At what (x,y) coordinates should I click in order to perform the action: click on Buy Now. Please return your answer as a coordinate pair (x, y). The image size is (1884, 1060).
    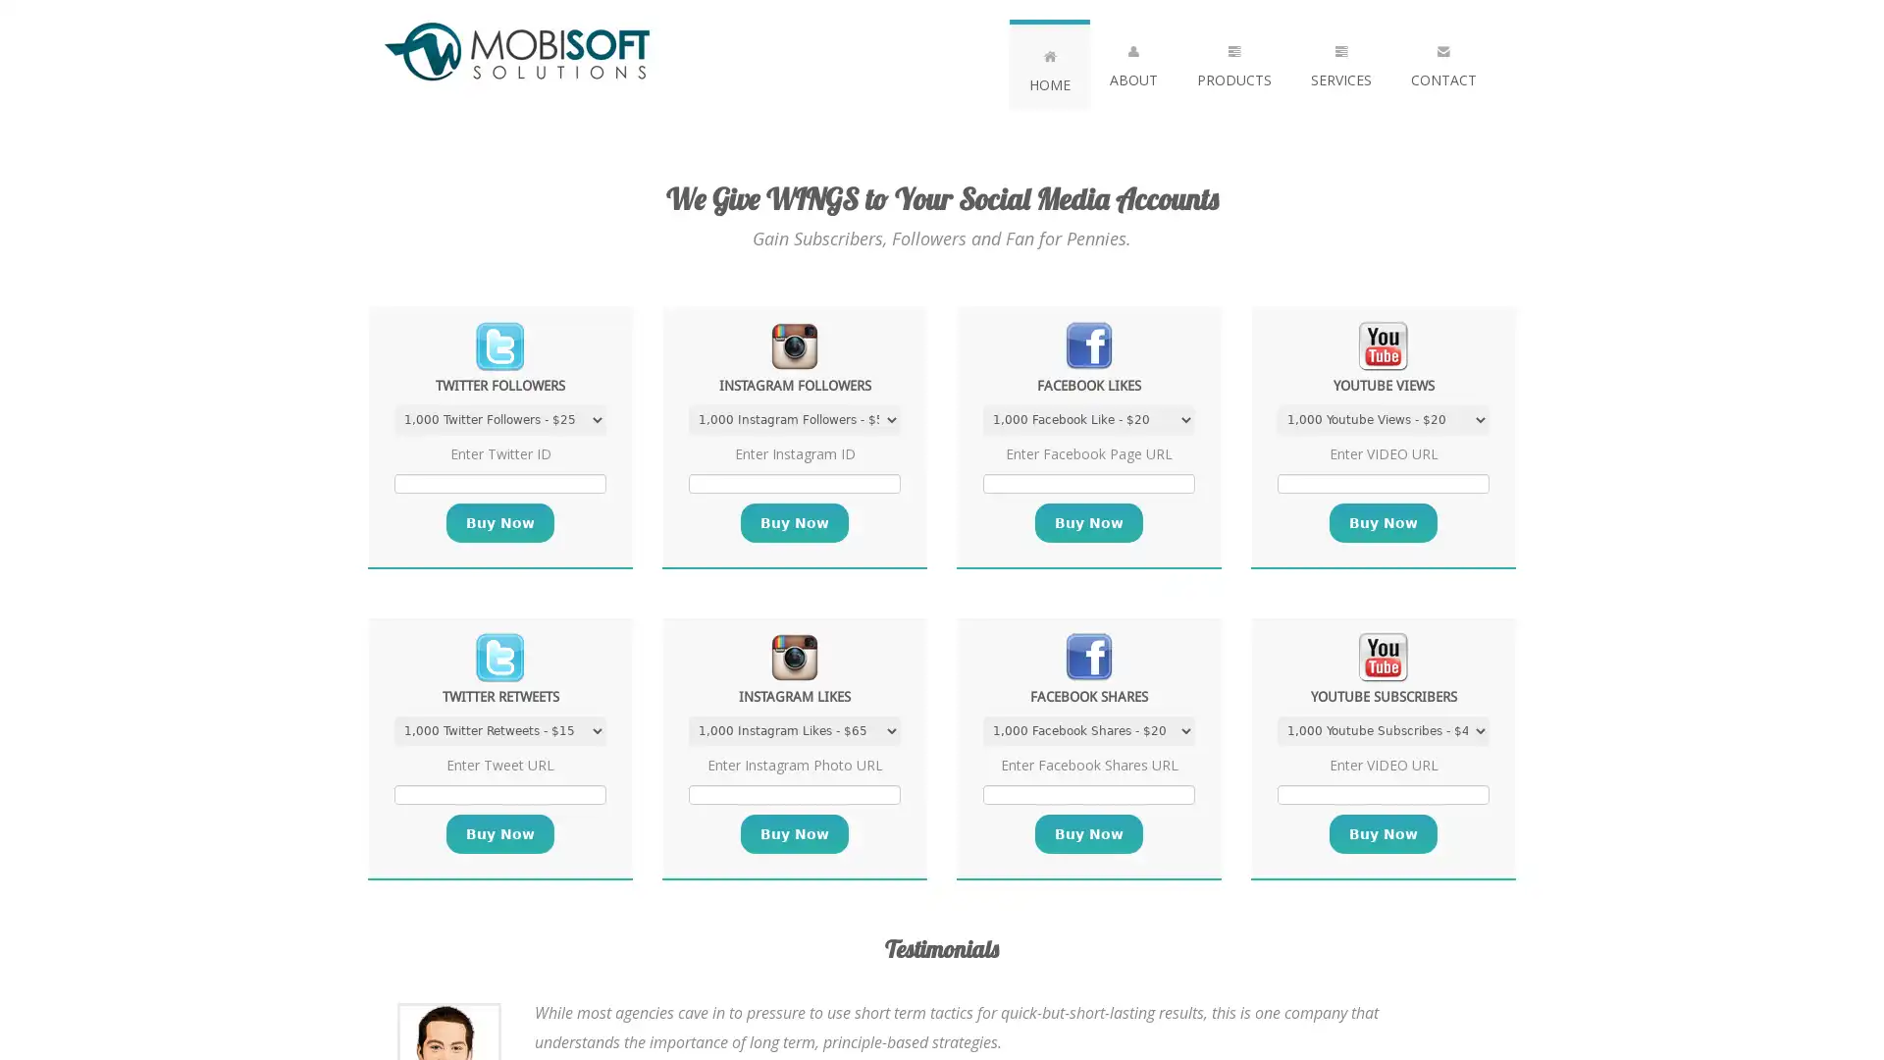
    Looking at the image, I should click on (499, 833).